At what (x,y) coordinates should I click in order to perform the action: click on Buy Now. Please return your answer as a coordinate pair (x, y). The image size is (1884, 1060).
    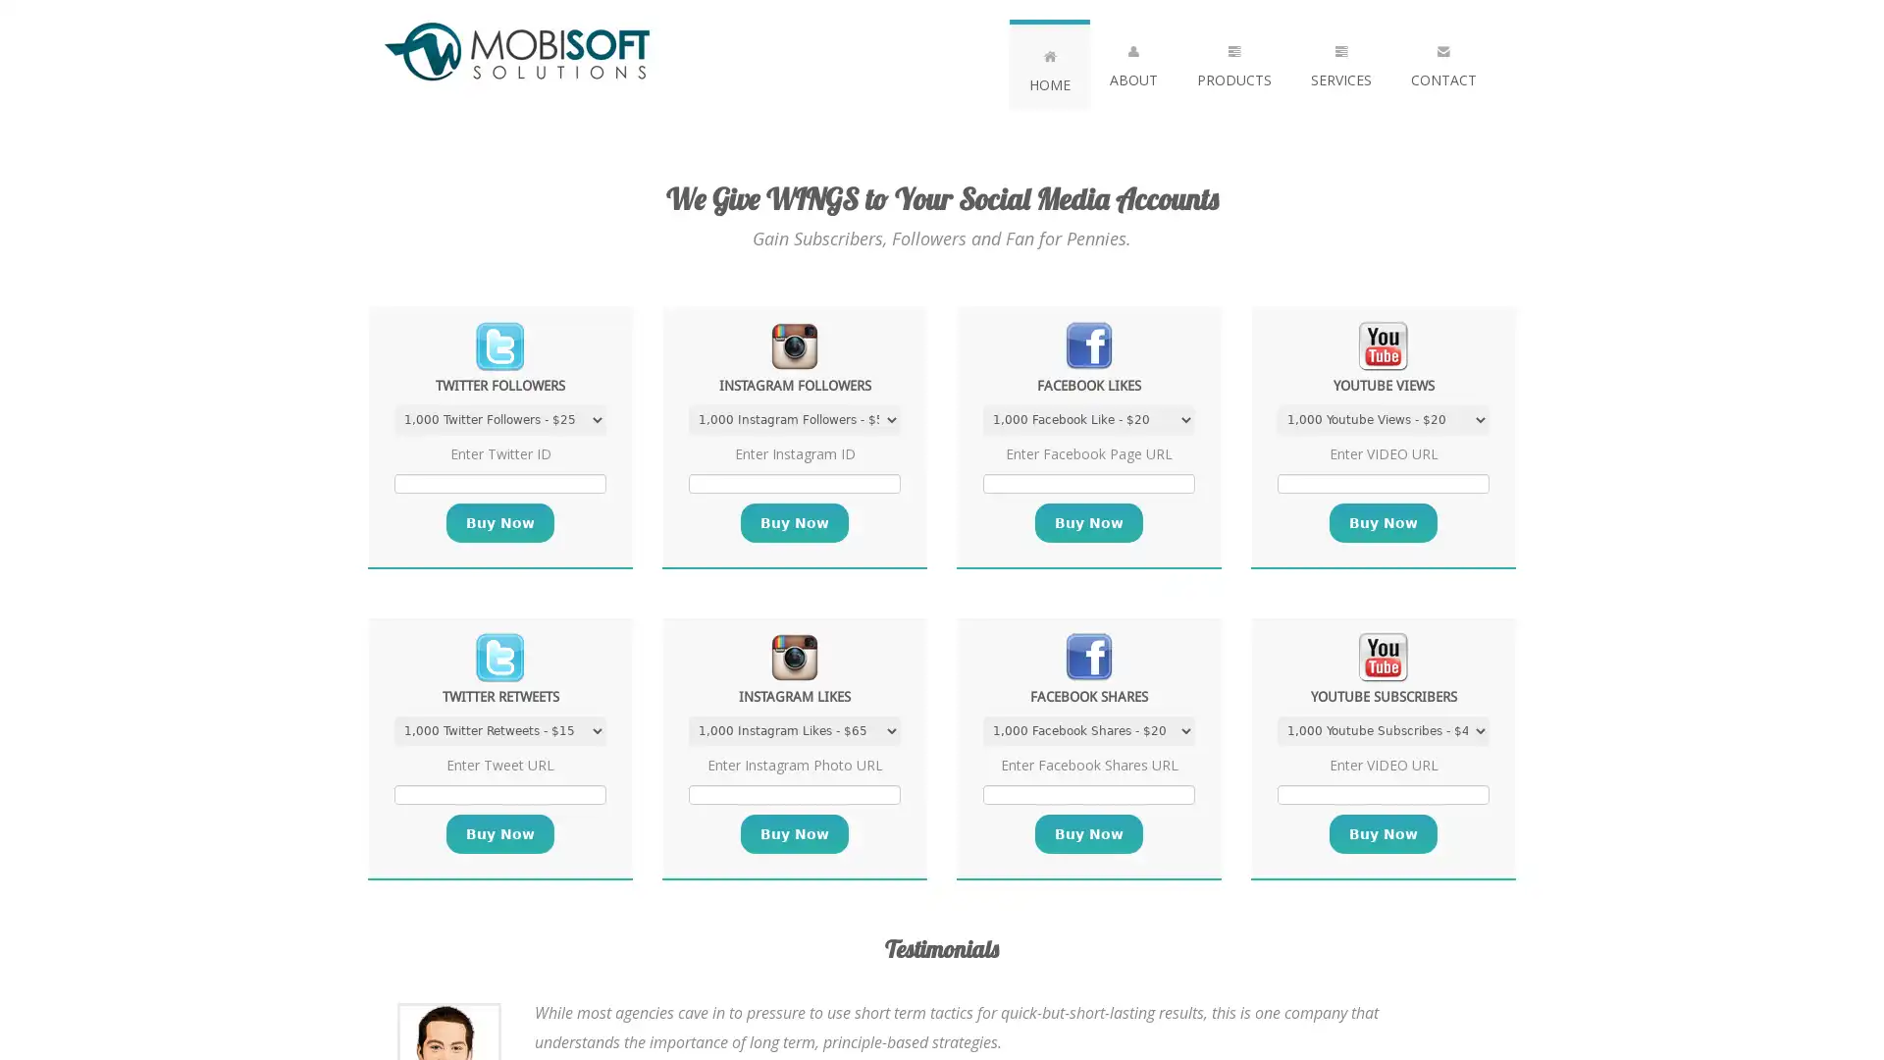
    Looking at the image, I should click on (499, 833).